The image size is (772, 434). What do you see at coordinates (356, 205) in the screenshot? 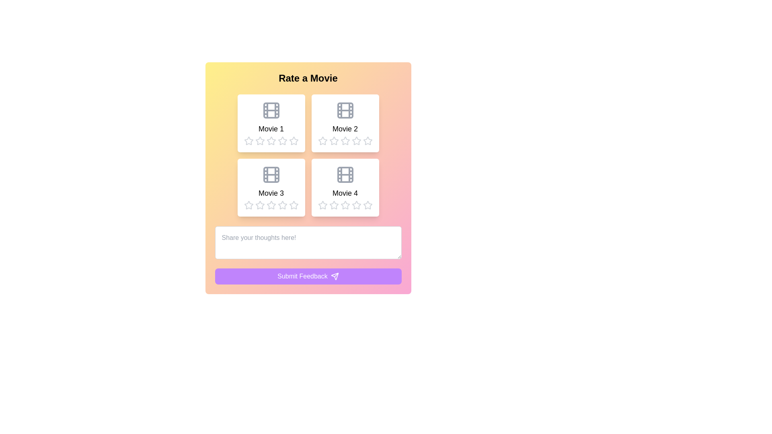
I see `the third star icon` at bounding box center [356, 205].